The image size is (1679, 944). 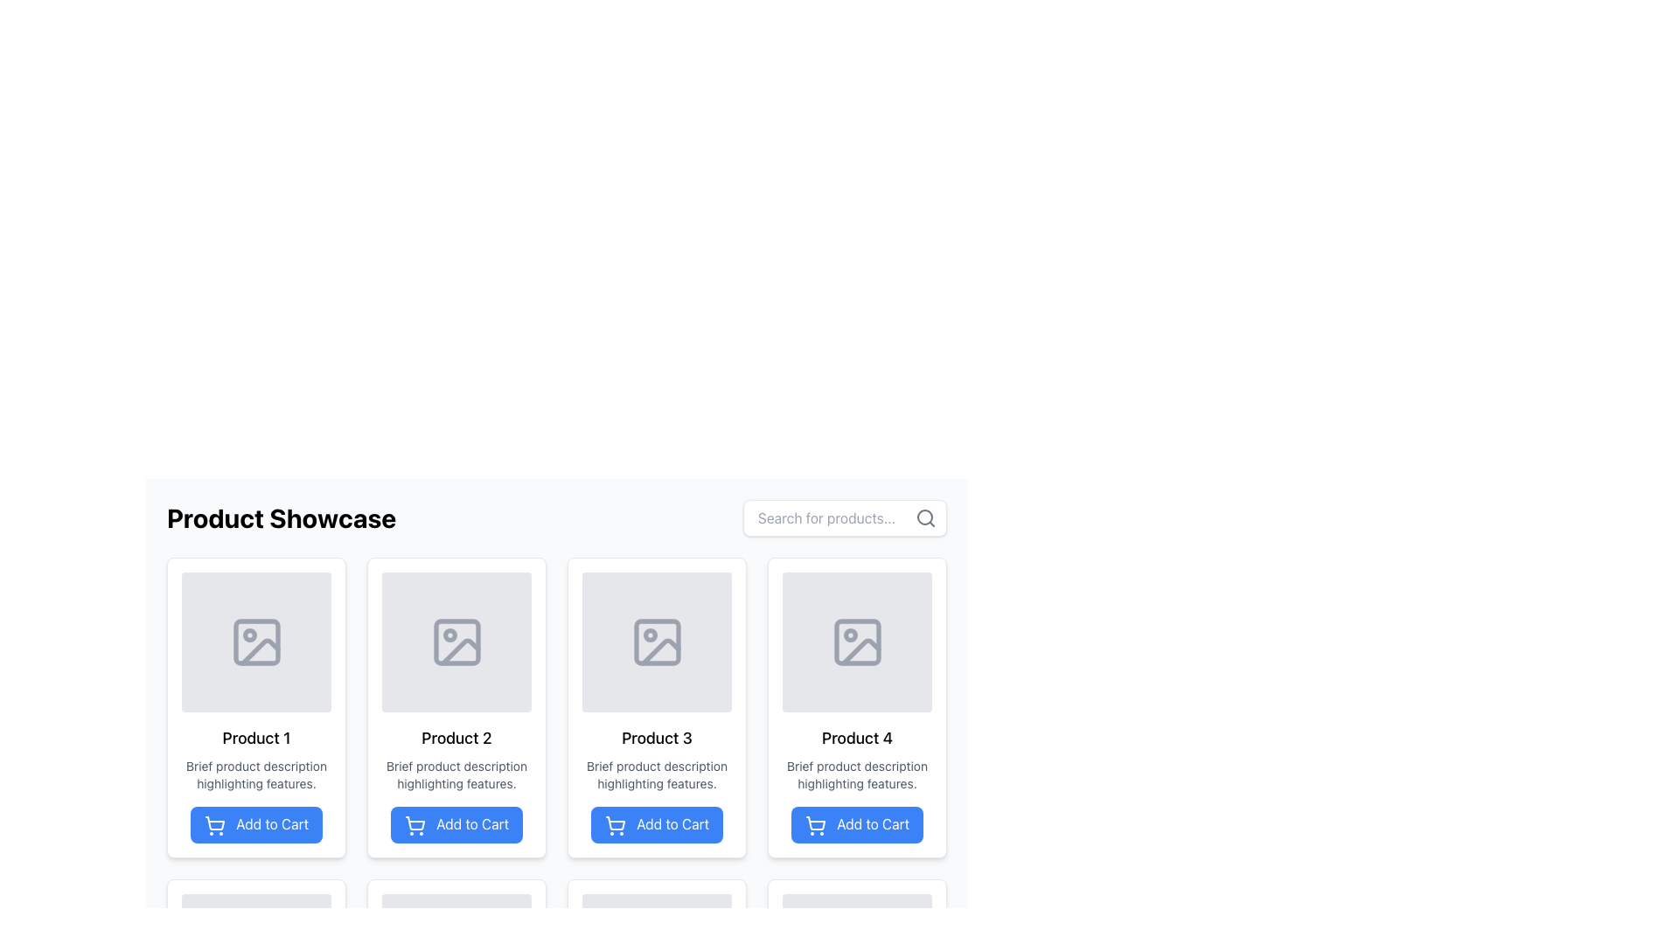 What do you see at coordinates (845, 517) in the screenshot?
I see `the Text Input Field for searching products by clearing any typed text` at bounding box center [845, 517].